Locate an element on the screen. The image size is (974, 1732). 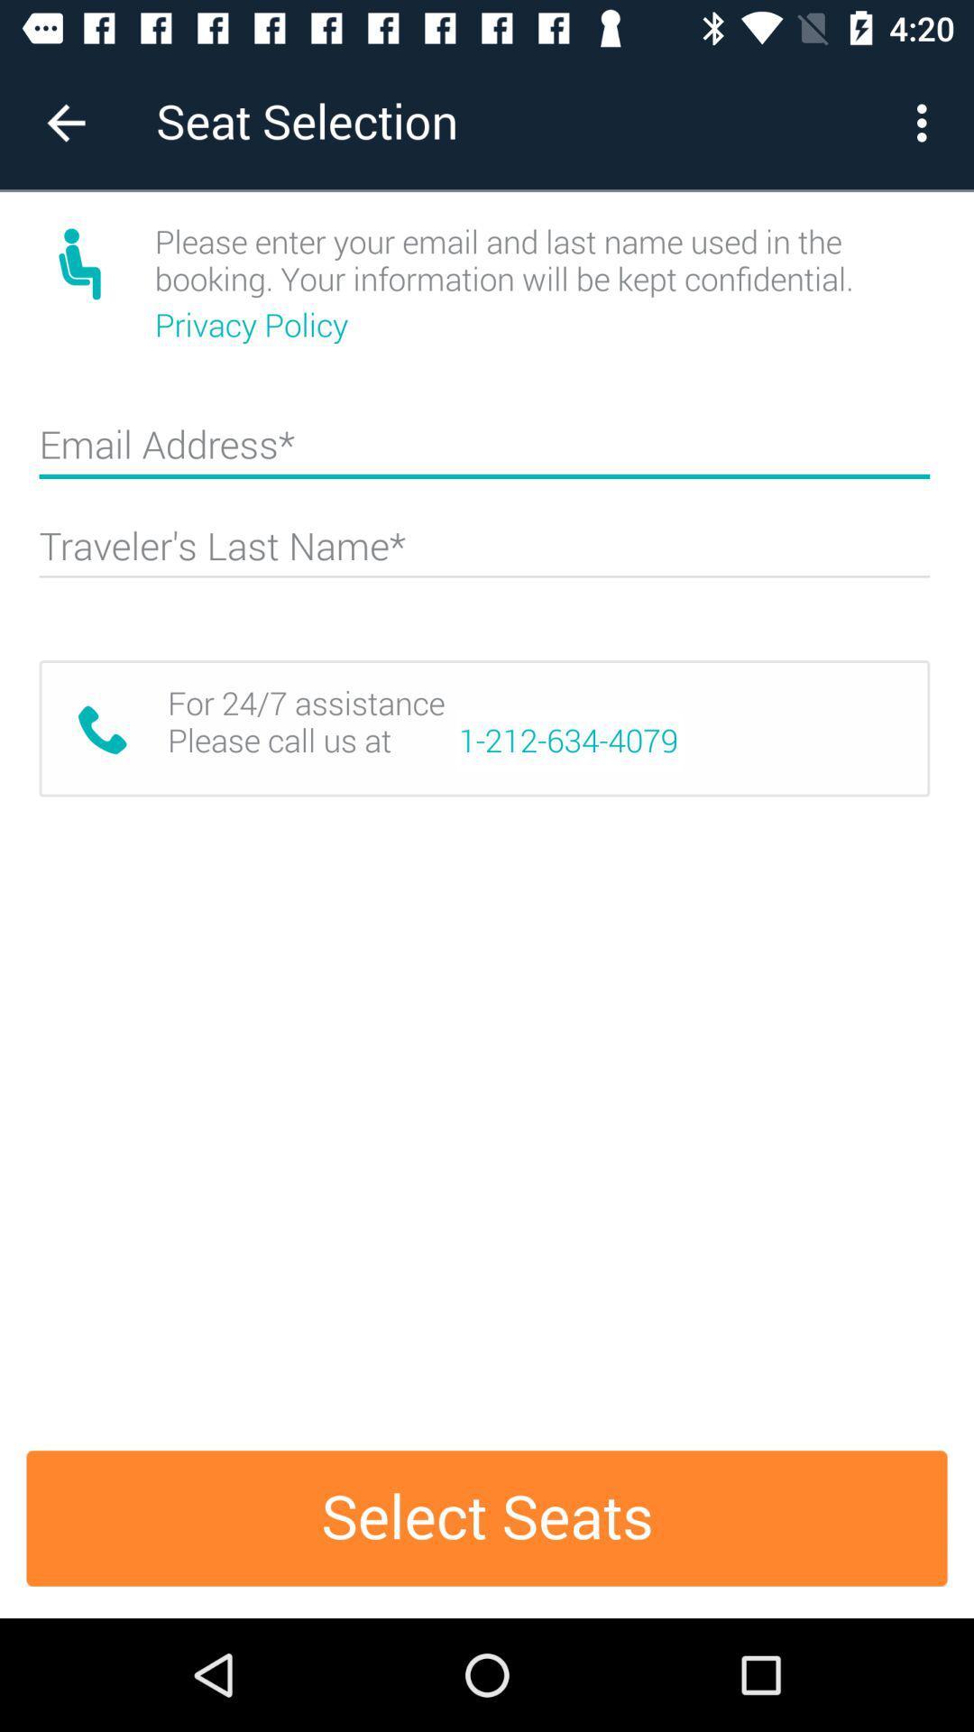
the name box is located at coordinates (483, 553).